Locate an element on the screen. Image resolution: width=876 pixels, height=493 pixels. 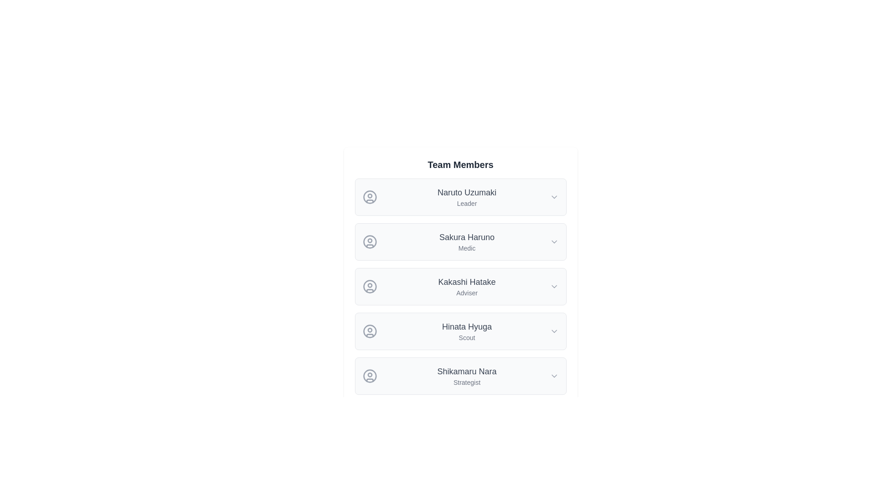
the text label indicating the role of team member 'Sakura Haruno' as 'Medic', which is positioned below their name in the list of team members is located at coordinates (467, 248).